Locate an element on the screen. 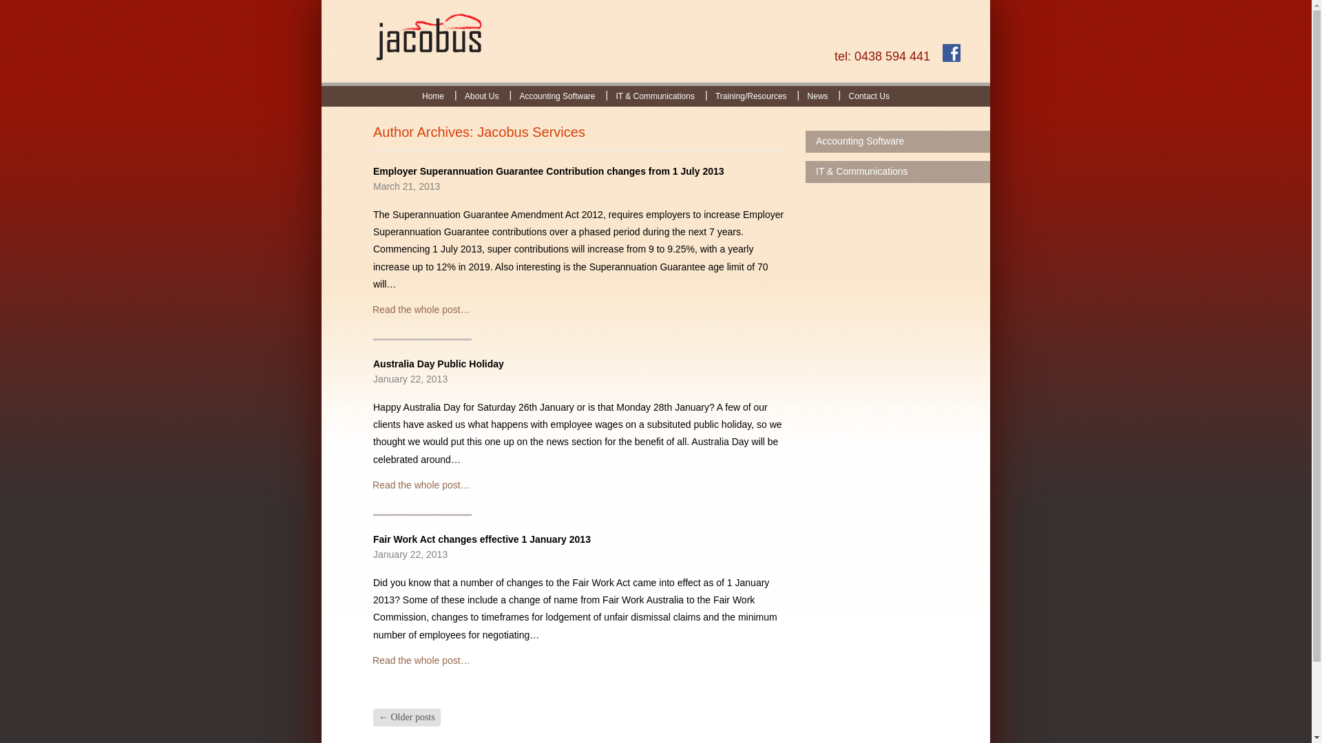  'IT & Communications' is located at coordinates (898, 171).